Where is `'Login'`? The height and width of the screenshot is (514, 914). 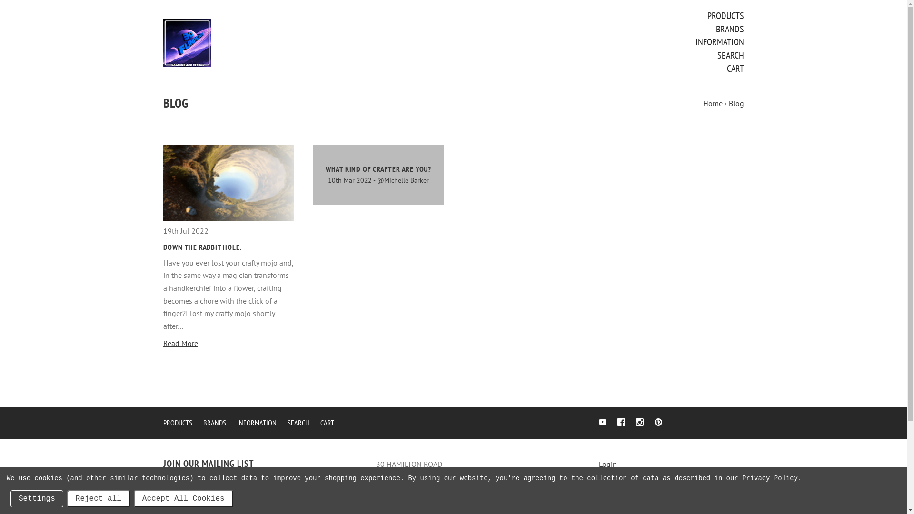
'Login' is located at coordinates (598, 464).